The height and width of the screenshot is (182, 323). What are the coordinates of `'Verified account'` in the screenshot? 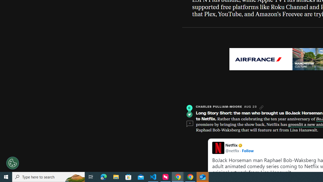 It's located at (240, 145).